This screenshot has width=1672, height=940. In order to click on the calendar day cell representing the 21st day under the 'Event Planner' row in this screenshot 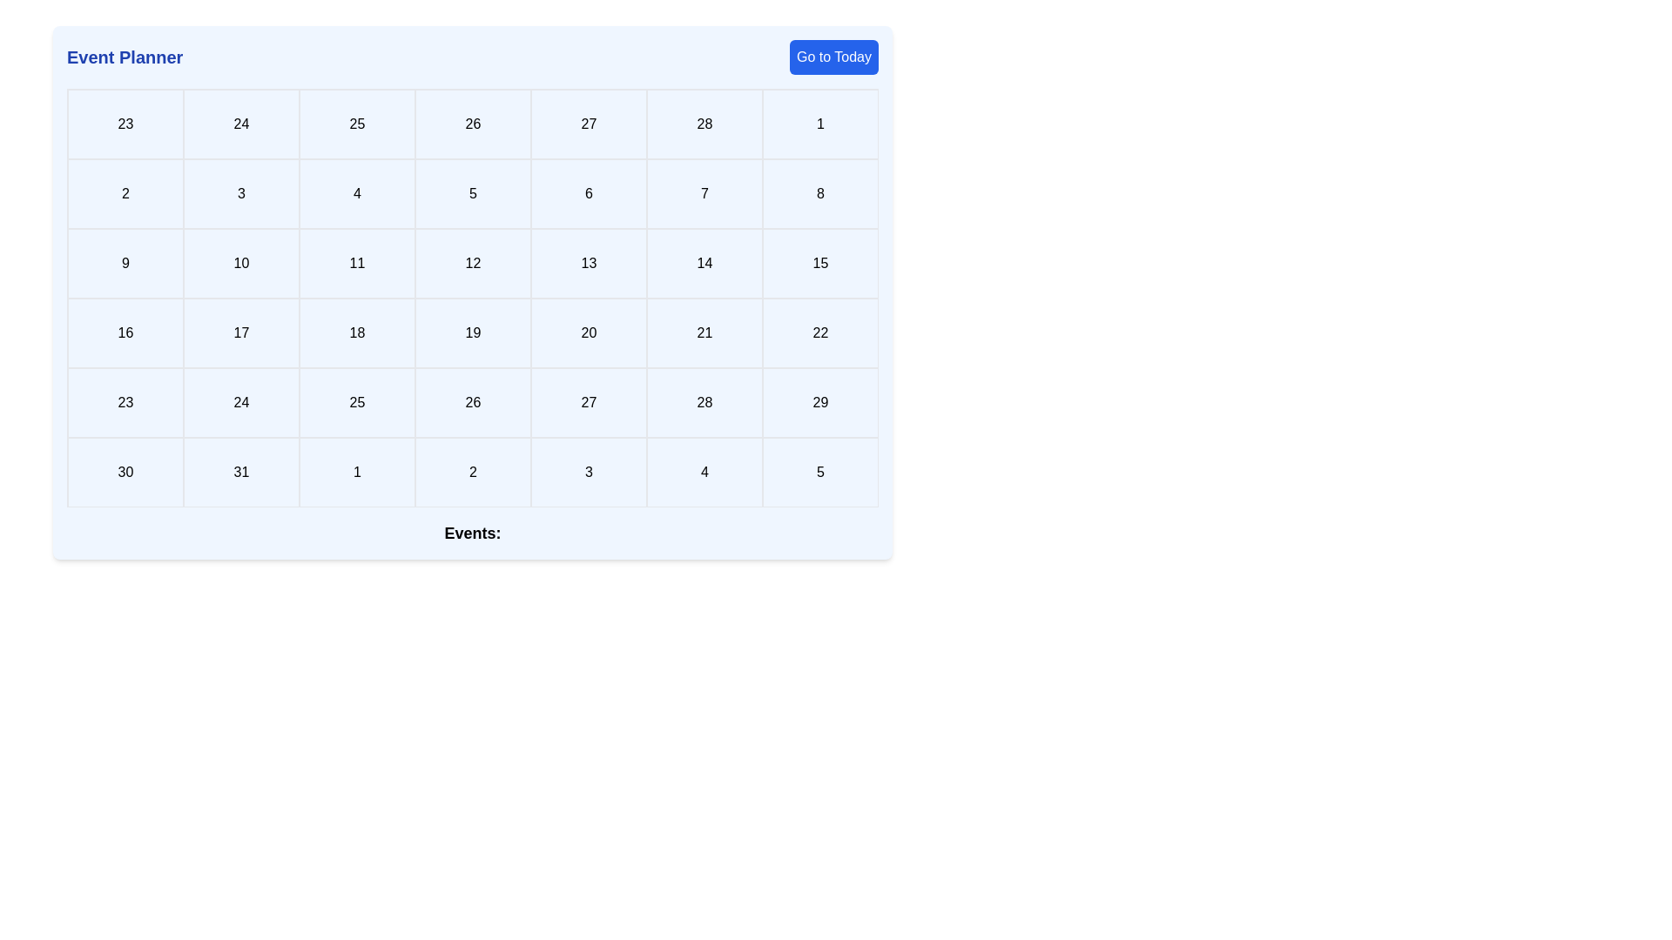, I will do `click(705, 332)`.